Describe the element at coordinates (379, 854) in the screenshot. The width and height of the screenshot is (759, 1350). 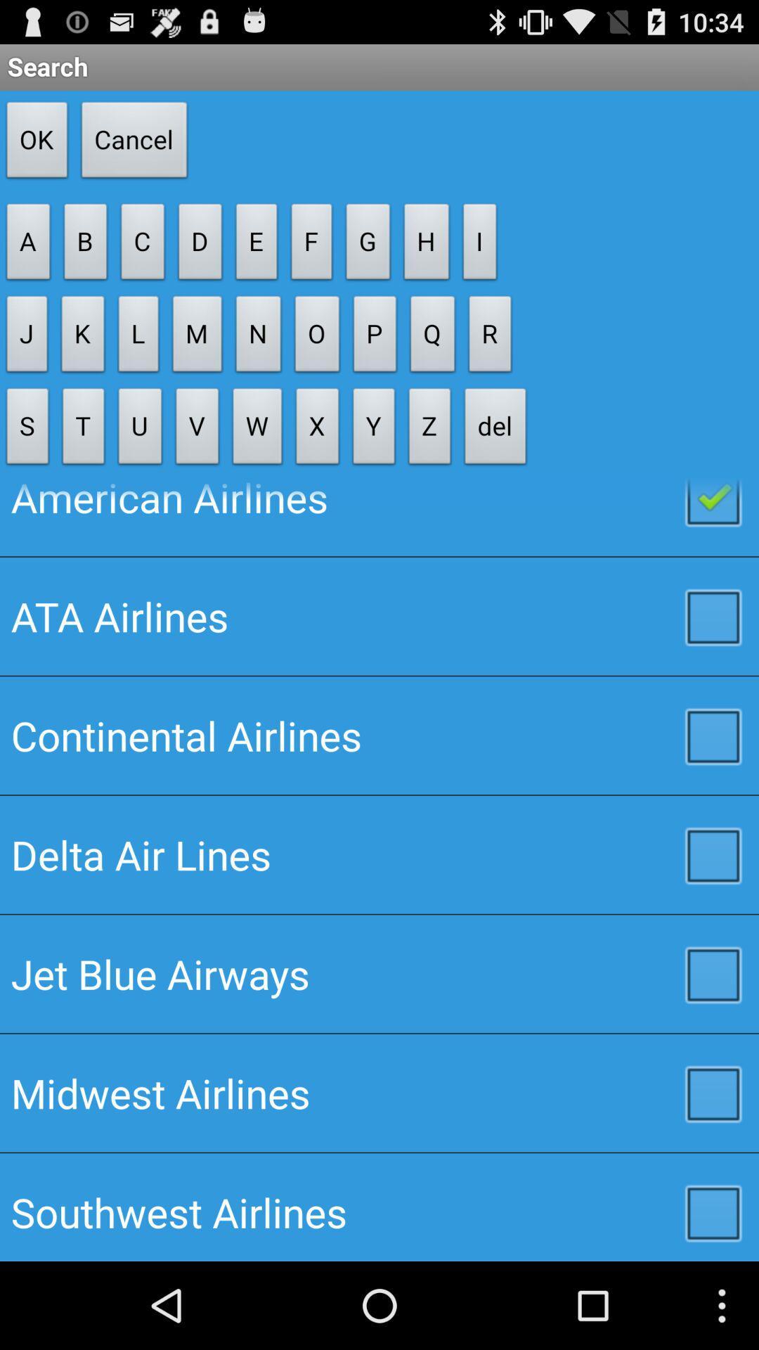
I see `the item above the jet blue airways checkbox` at that location.